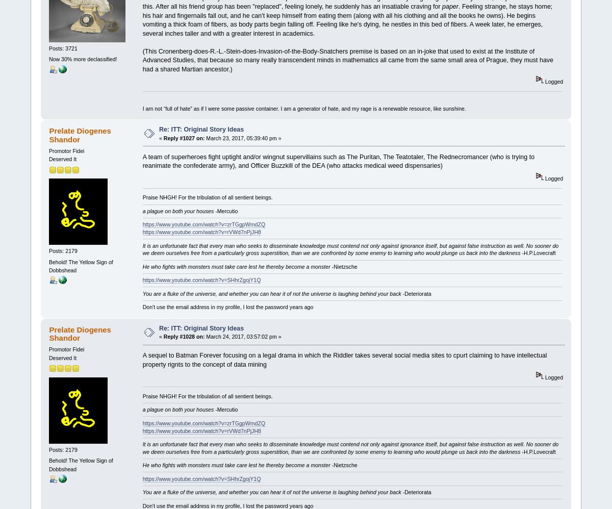 The width and height of the screenshot is (612, 509). What do you see at coordinates (344, 360) in the screenshot?
I see `'A sequel to Batman Forever focusing on a legal drama in which the Riddler takes several social media sites to cpurt claiming to have intellectual property rignts to the concept of data mining'` at bounding box center [344, 360].